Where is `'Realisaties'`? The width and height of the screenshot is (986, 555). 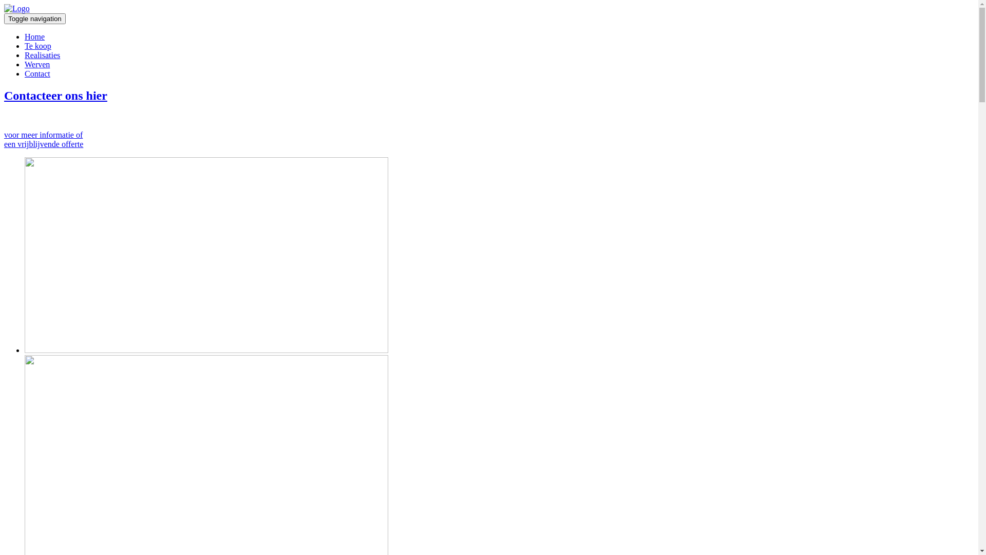 'Realisaties' is located at coordinates (25, 55).